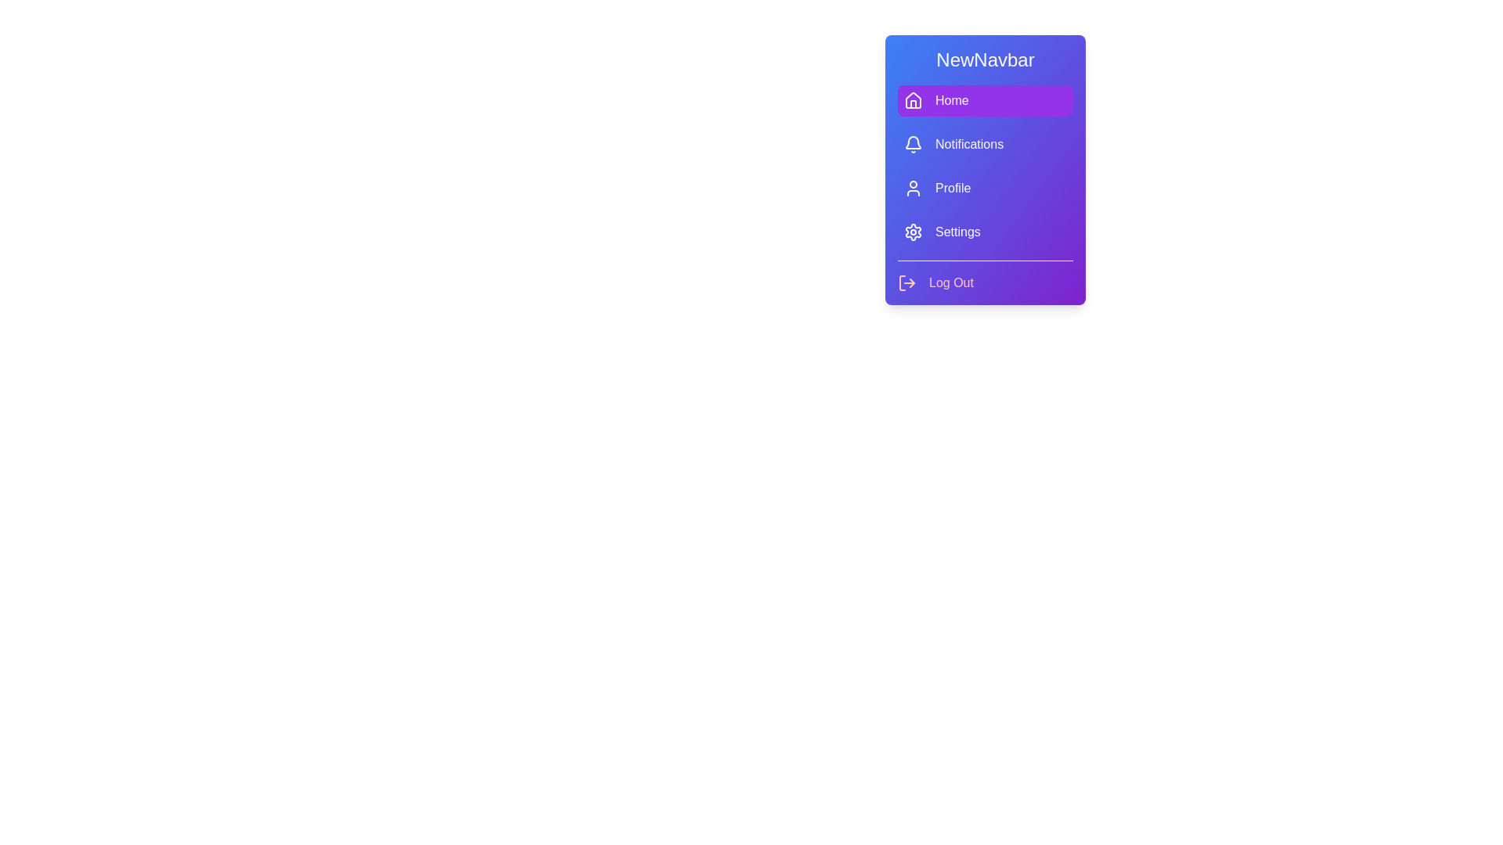 The width and height of the screenshot is (1503, 845). Describe the element at coordinates (913, 232) in the screenshot. I see `the cogwheel-shaped icon associated with settings, which is located in the navigation menu of the 'Settings' section` at that location.